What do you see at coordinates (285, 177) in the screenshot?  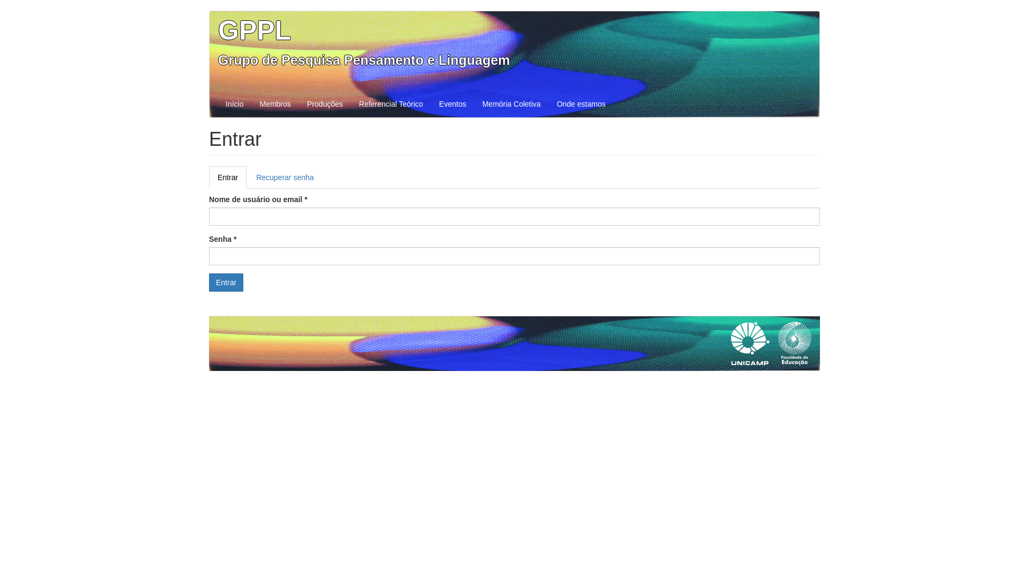 I see `'Recuperar senha'` at bounding box center [285, 177].